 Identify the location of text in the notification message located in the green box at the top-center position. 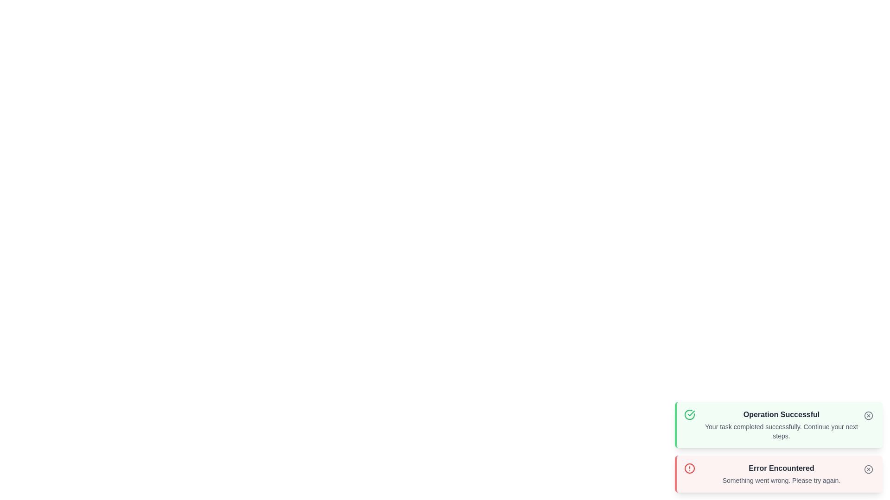
(781, 425).